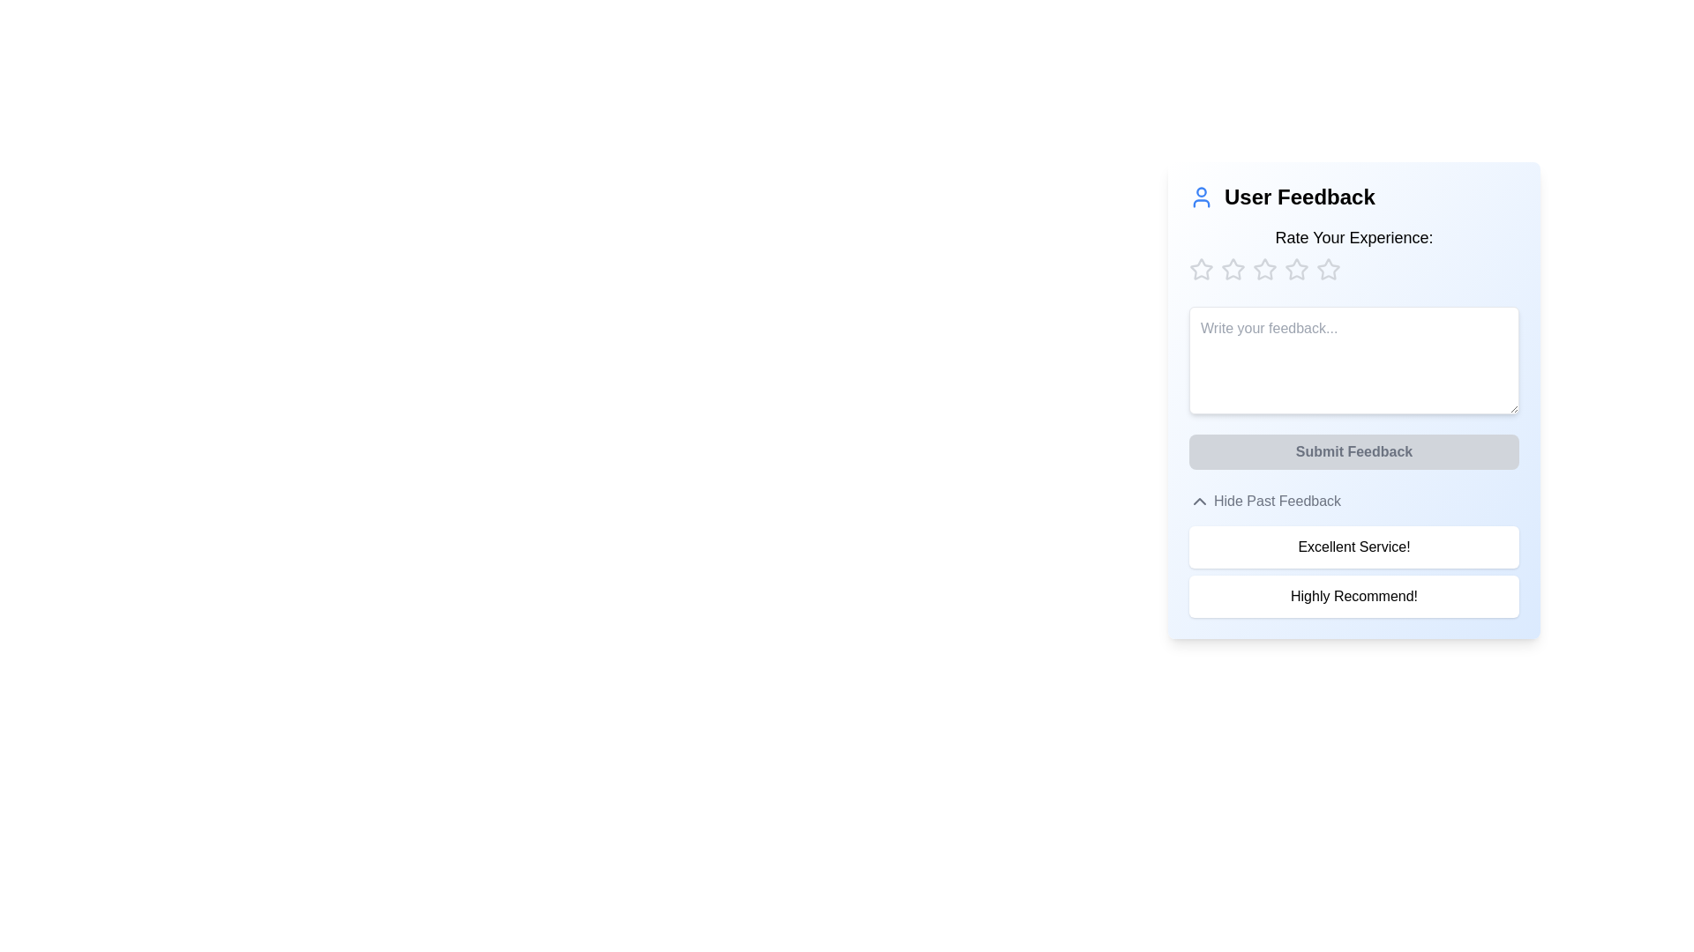 The height and width of the screenshot is (952, 1694). What do you see at coordinates (1353, 197) in the screenshot?
I see `the 'User Feedback' label, which displays the text in bold with a person outline icon in blue to its left, located at the top of the feedback form` at bounding box center [1353, 197].